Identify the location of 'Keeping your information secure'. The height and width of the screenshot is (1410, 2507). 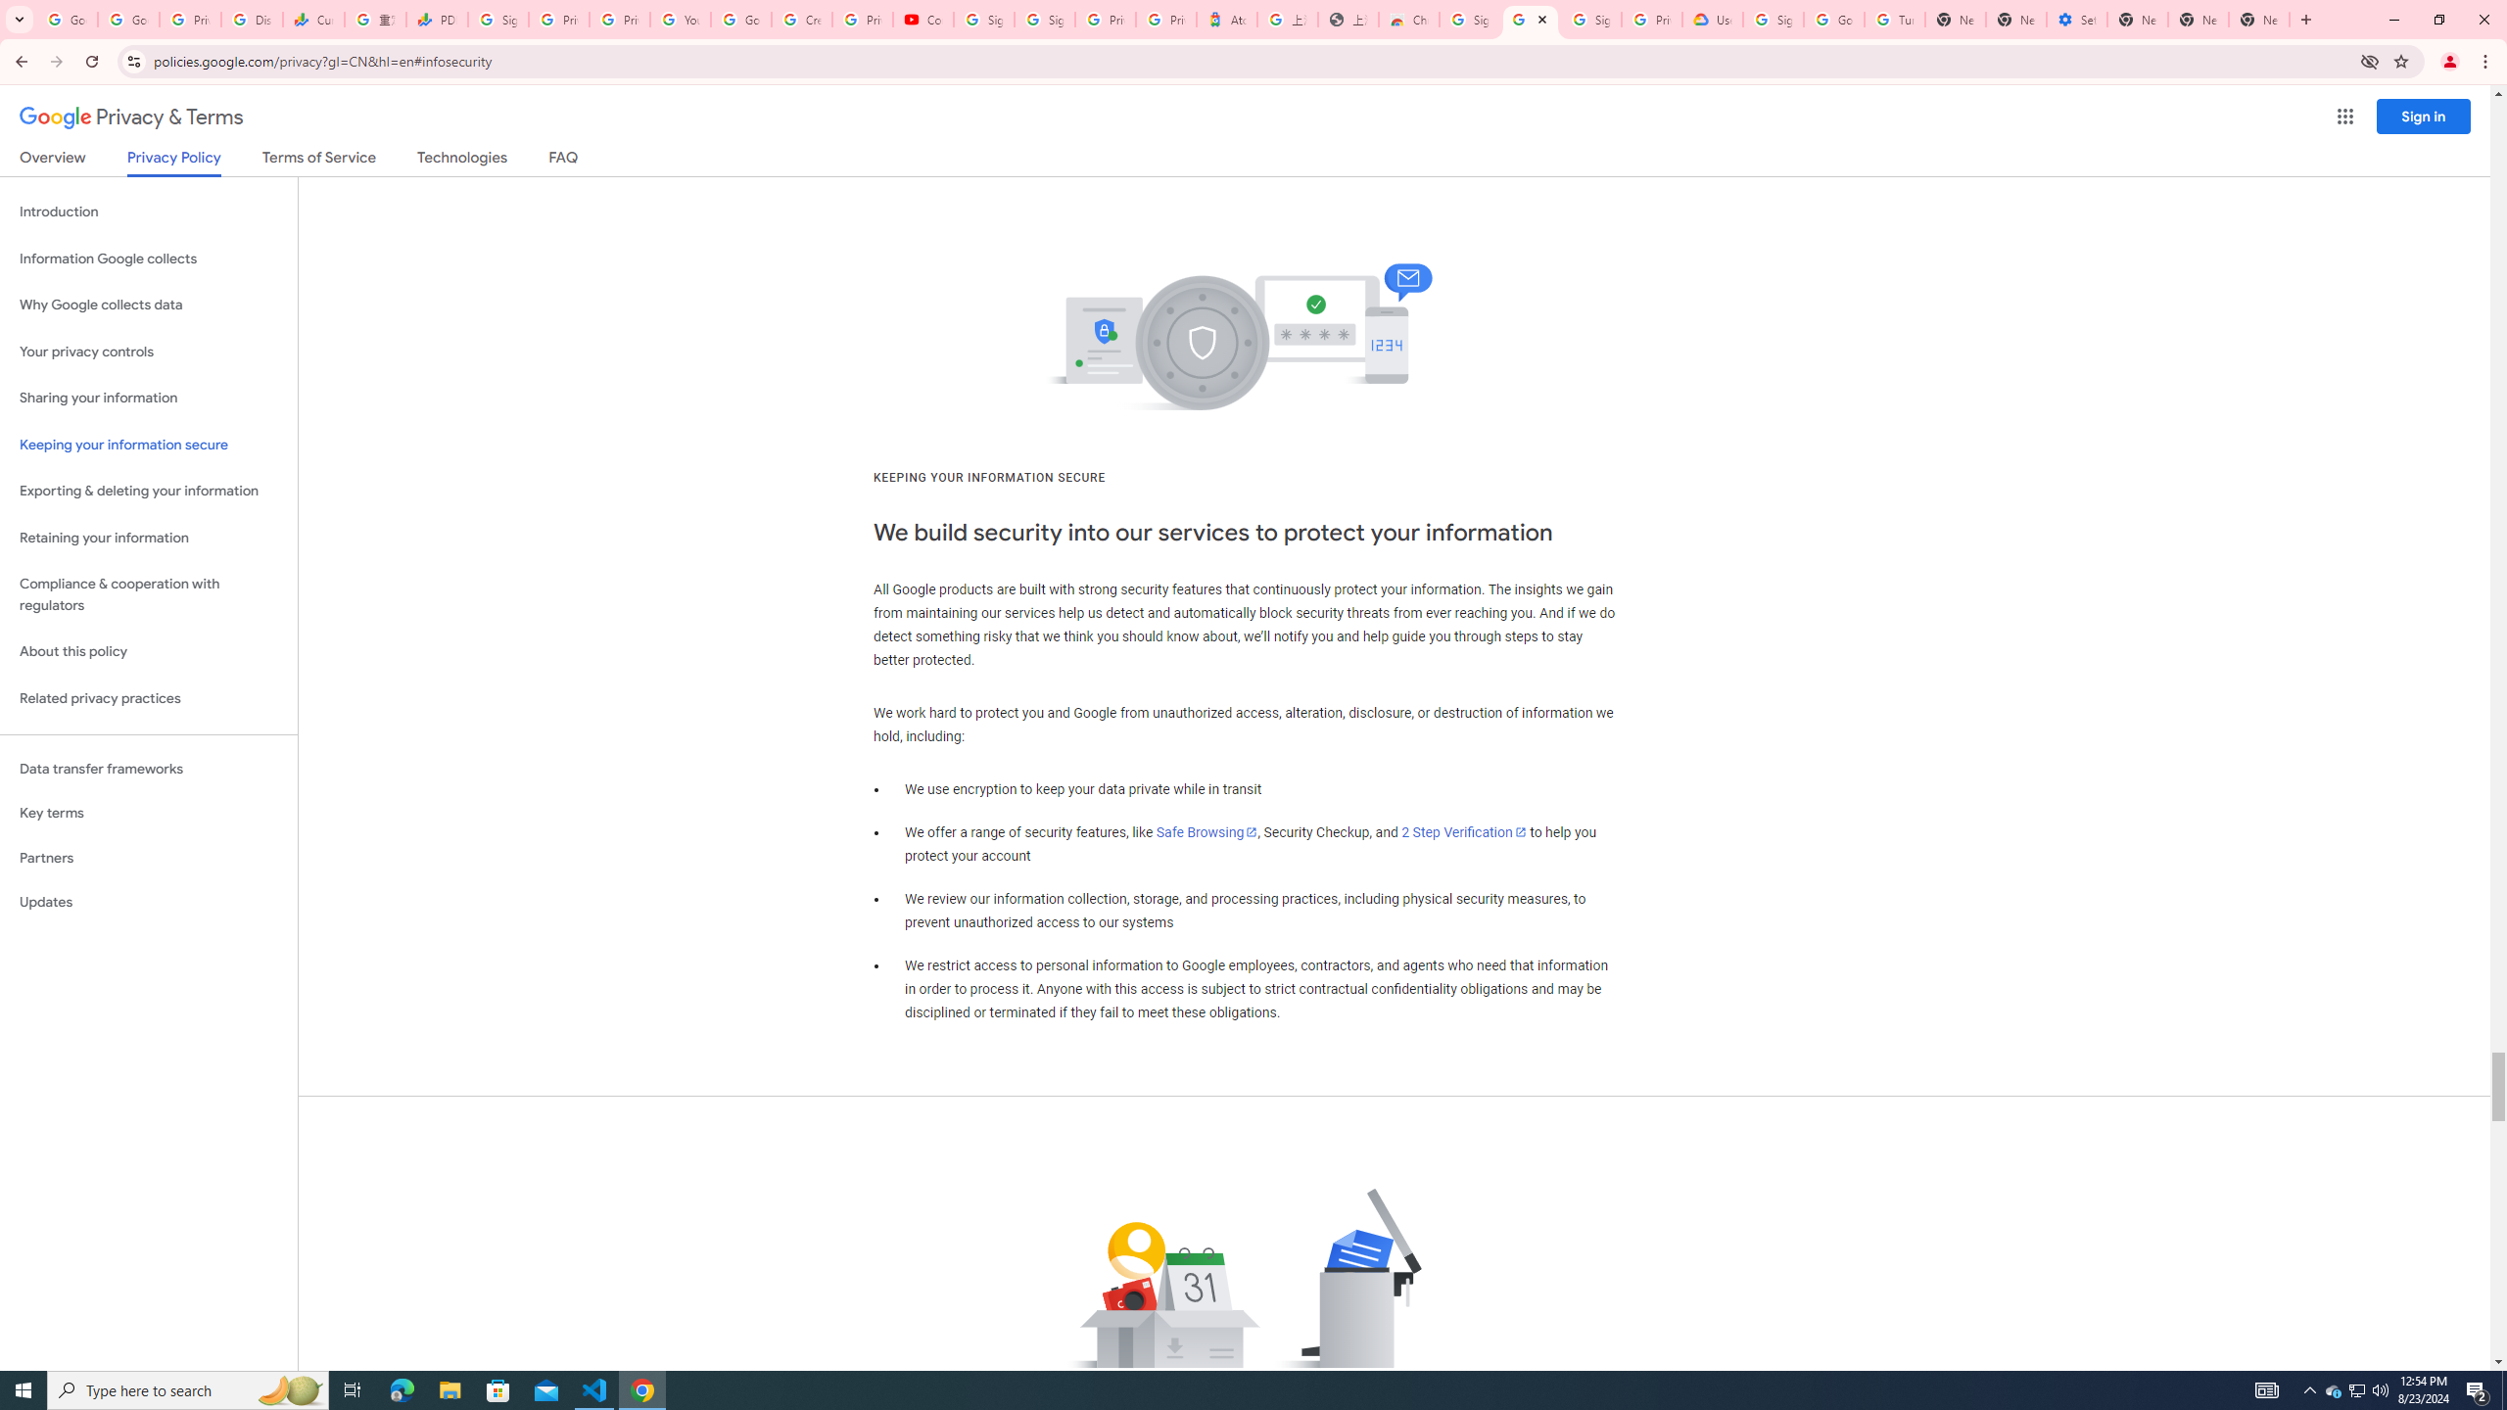
(148, 446).